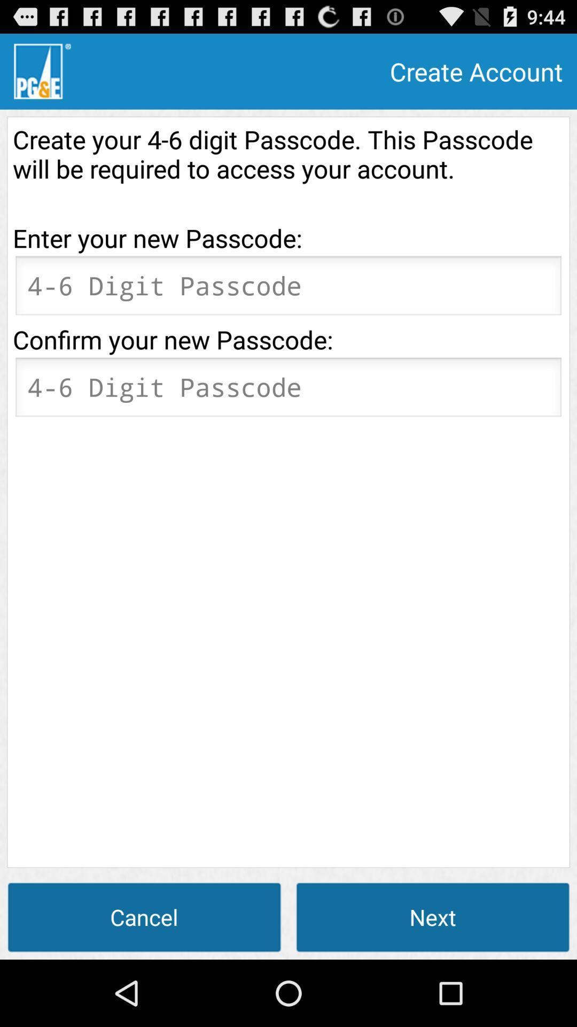 This screenshot has width=577, height=1027. What do you see at coordinates (144, 916) in the screenshot?
I see `item to the left of the next button` at bounding box center [144, 916].